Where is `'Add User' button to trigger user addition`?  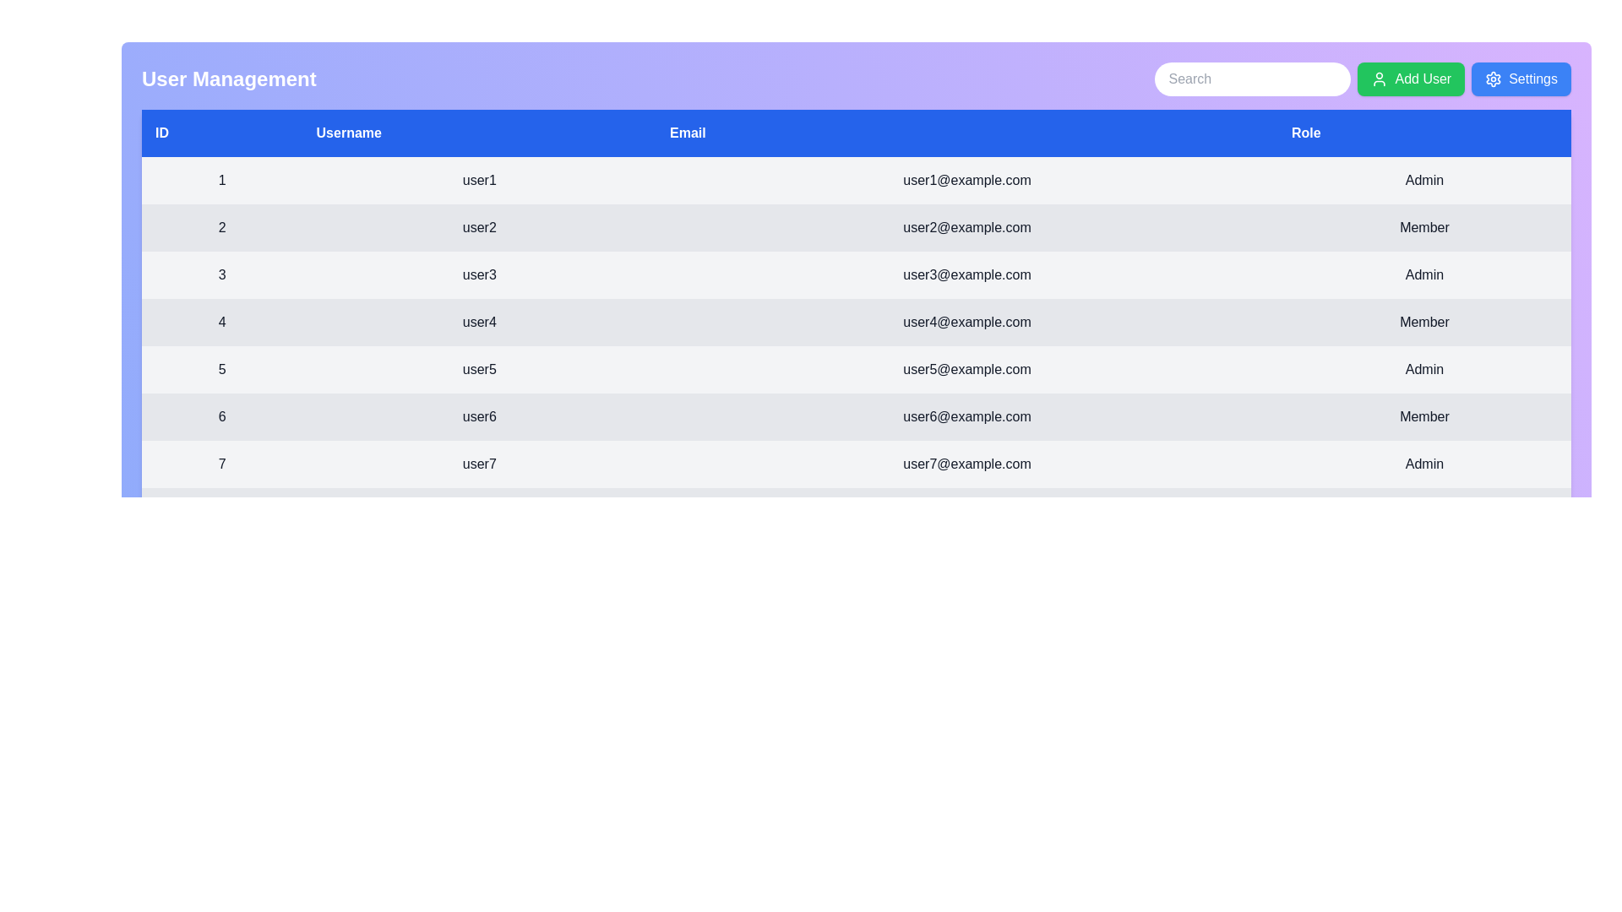
'Add User' button to trigger user addition is located at coordinates (1411, 79).